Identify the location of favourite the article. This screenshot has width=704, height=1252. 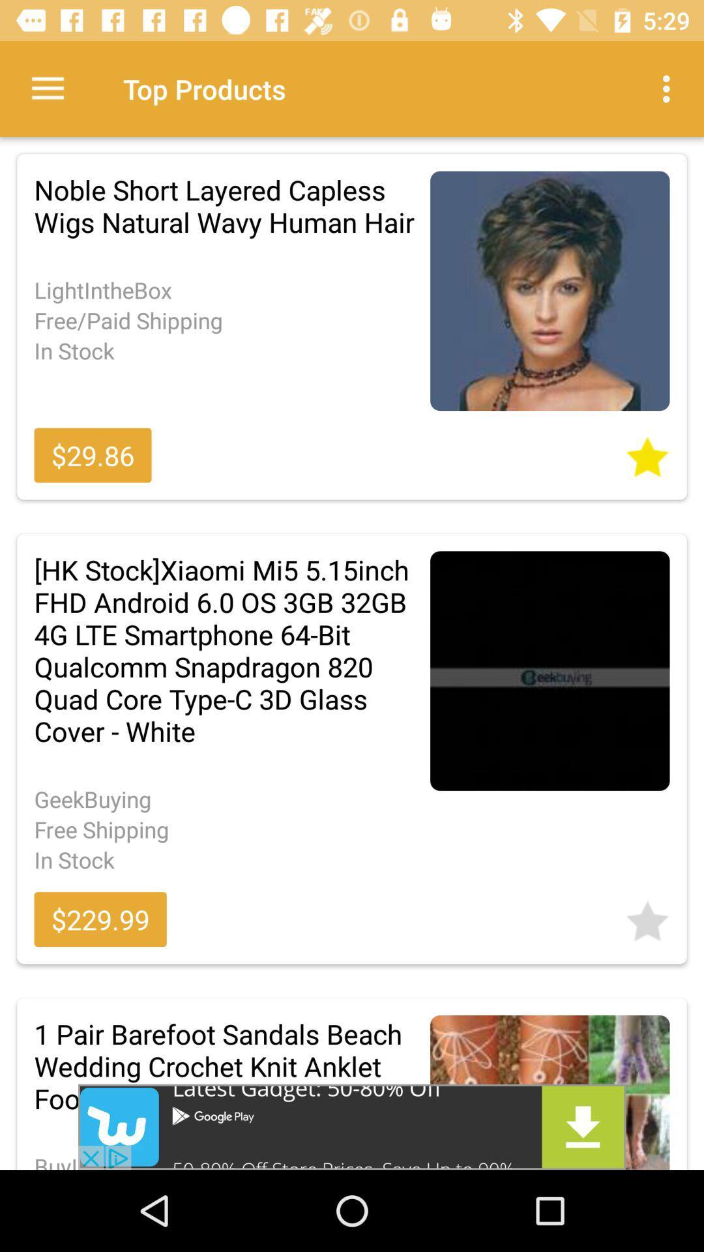
(647, 453).